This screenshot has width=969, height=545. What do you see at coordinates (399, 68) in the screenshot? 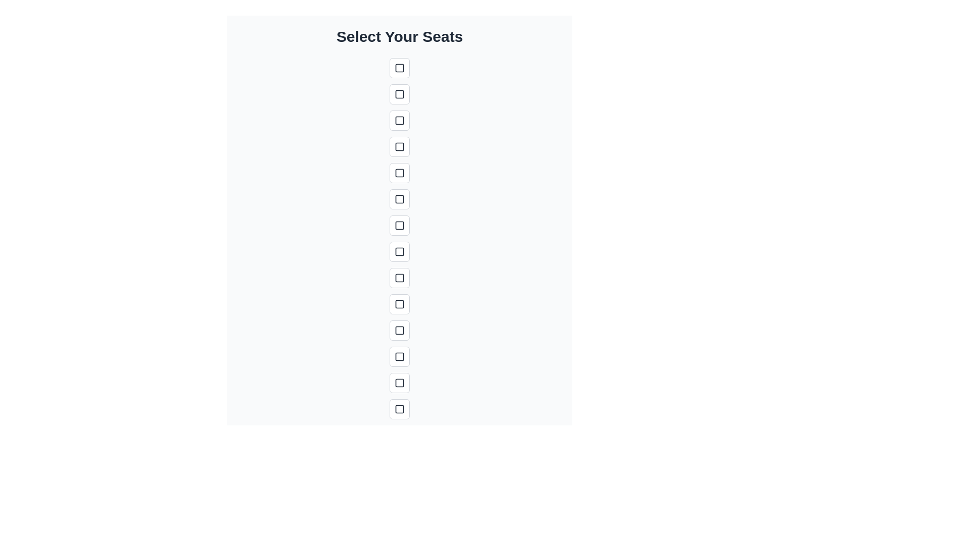
I see `the selected seat button to deselect it` at bounding box center [399, 68].